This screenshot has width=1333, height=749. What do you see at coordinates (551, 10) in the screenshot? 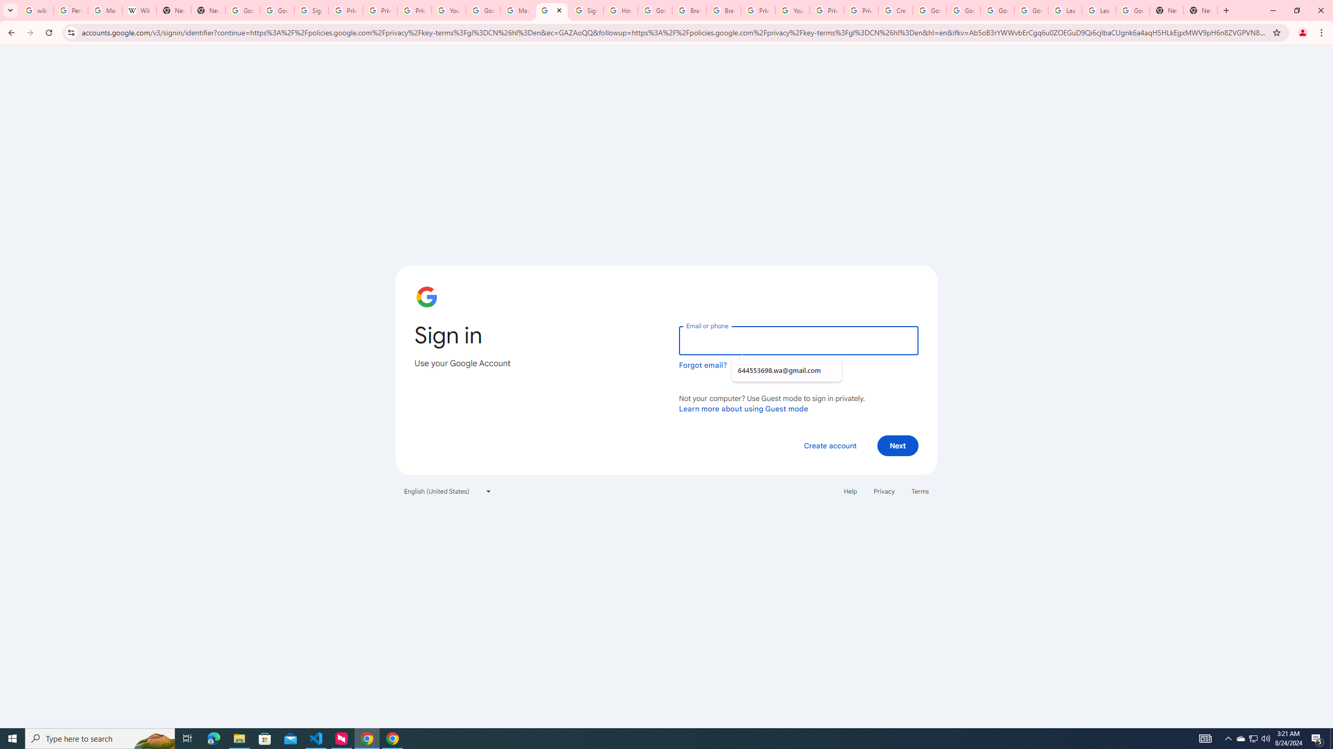
I see `'Sign in - Google Accounts'` at bounding box center [551, 10].